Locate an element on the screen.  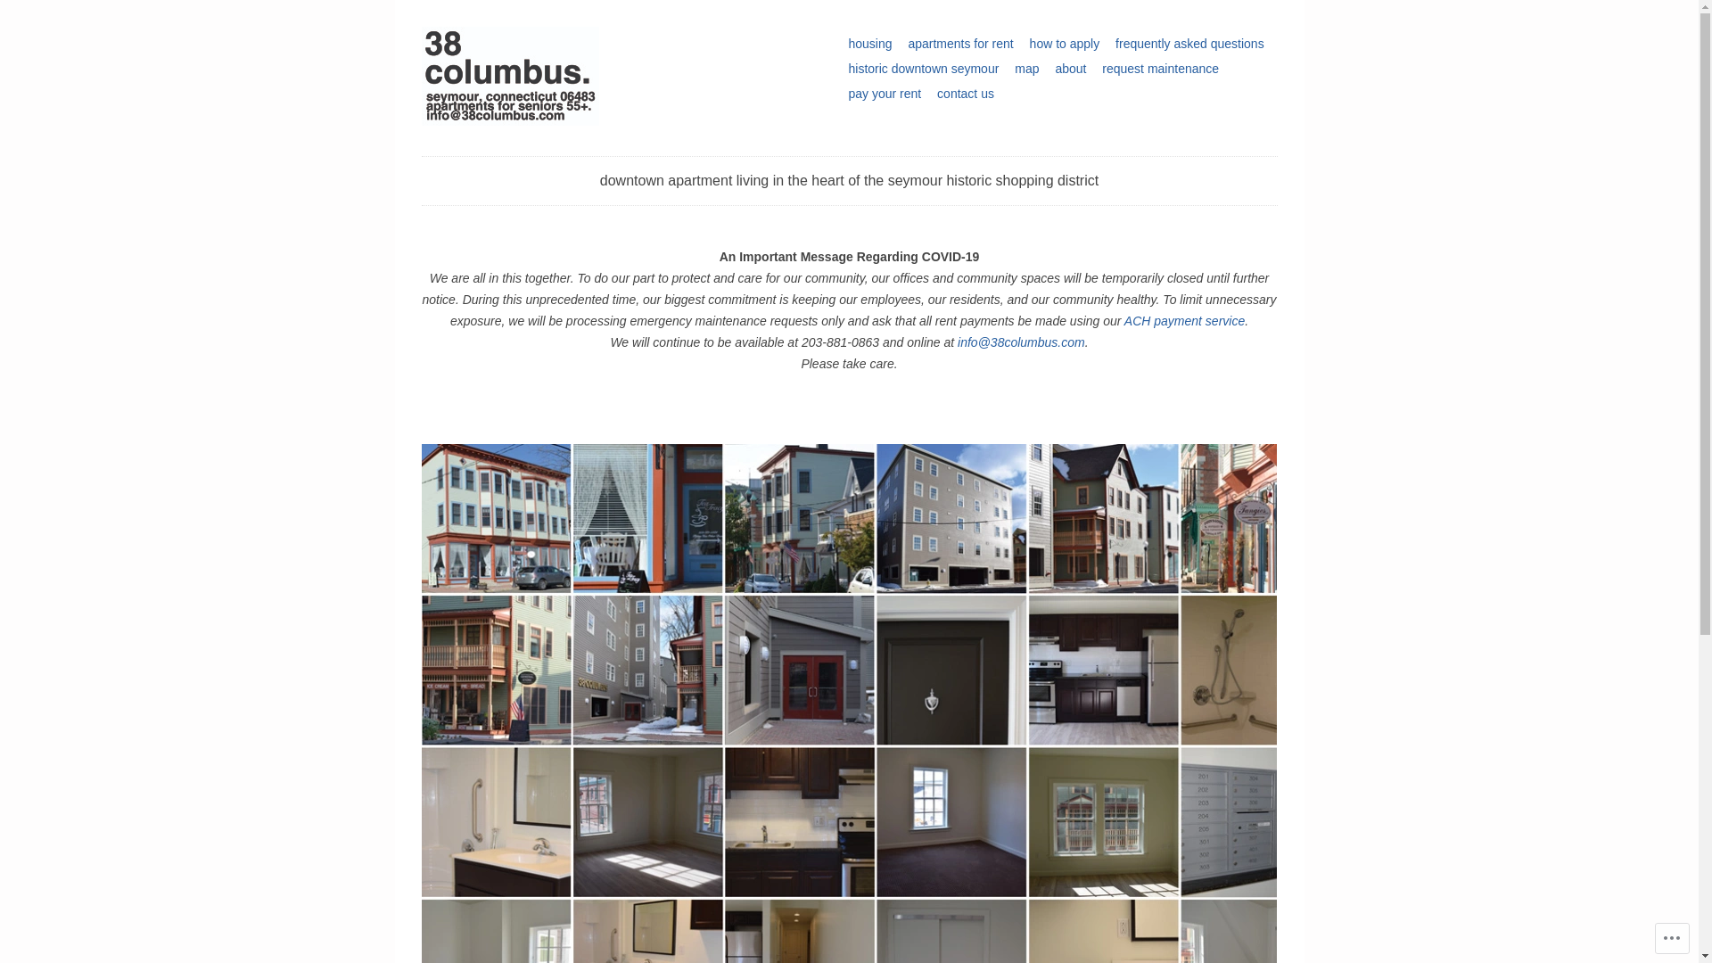
'contact us' is located at coordinates (965, 93).